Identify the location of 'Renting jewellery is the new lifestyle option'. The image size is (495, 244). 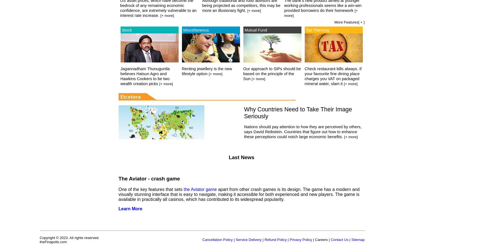
(207, 71).